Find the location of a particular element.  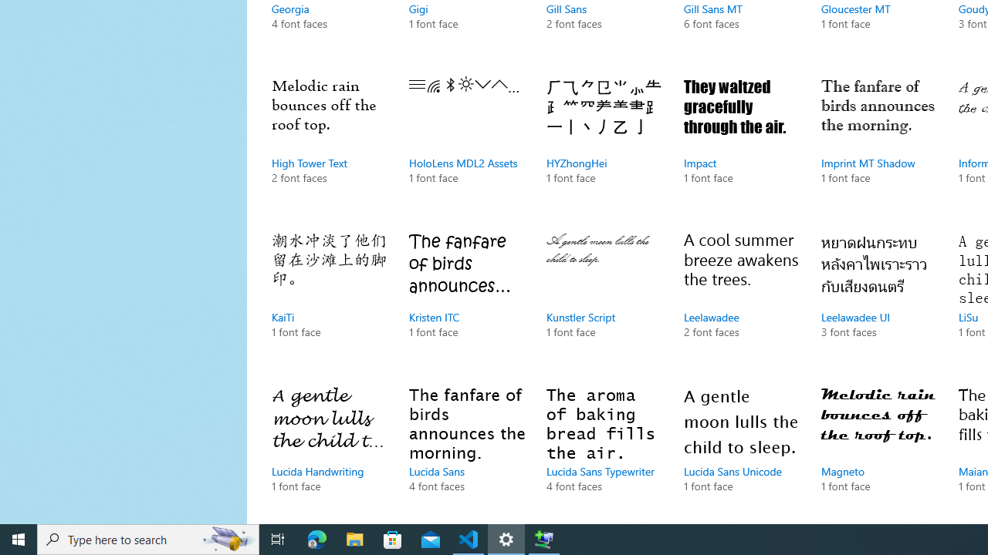

'Magneto, 1 font face' is located at coordinates (879, 451).